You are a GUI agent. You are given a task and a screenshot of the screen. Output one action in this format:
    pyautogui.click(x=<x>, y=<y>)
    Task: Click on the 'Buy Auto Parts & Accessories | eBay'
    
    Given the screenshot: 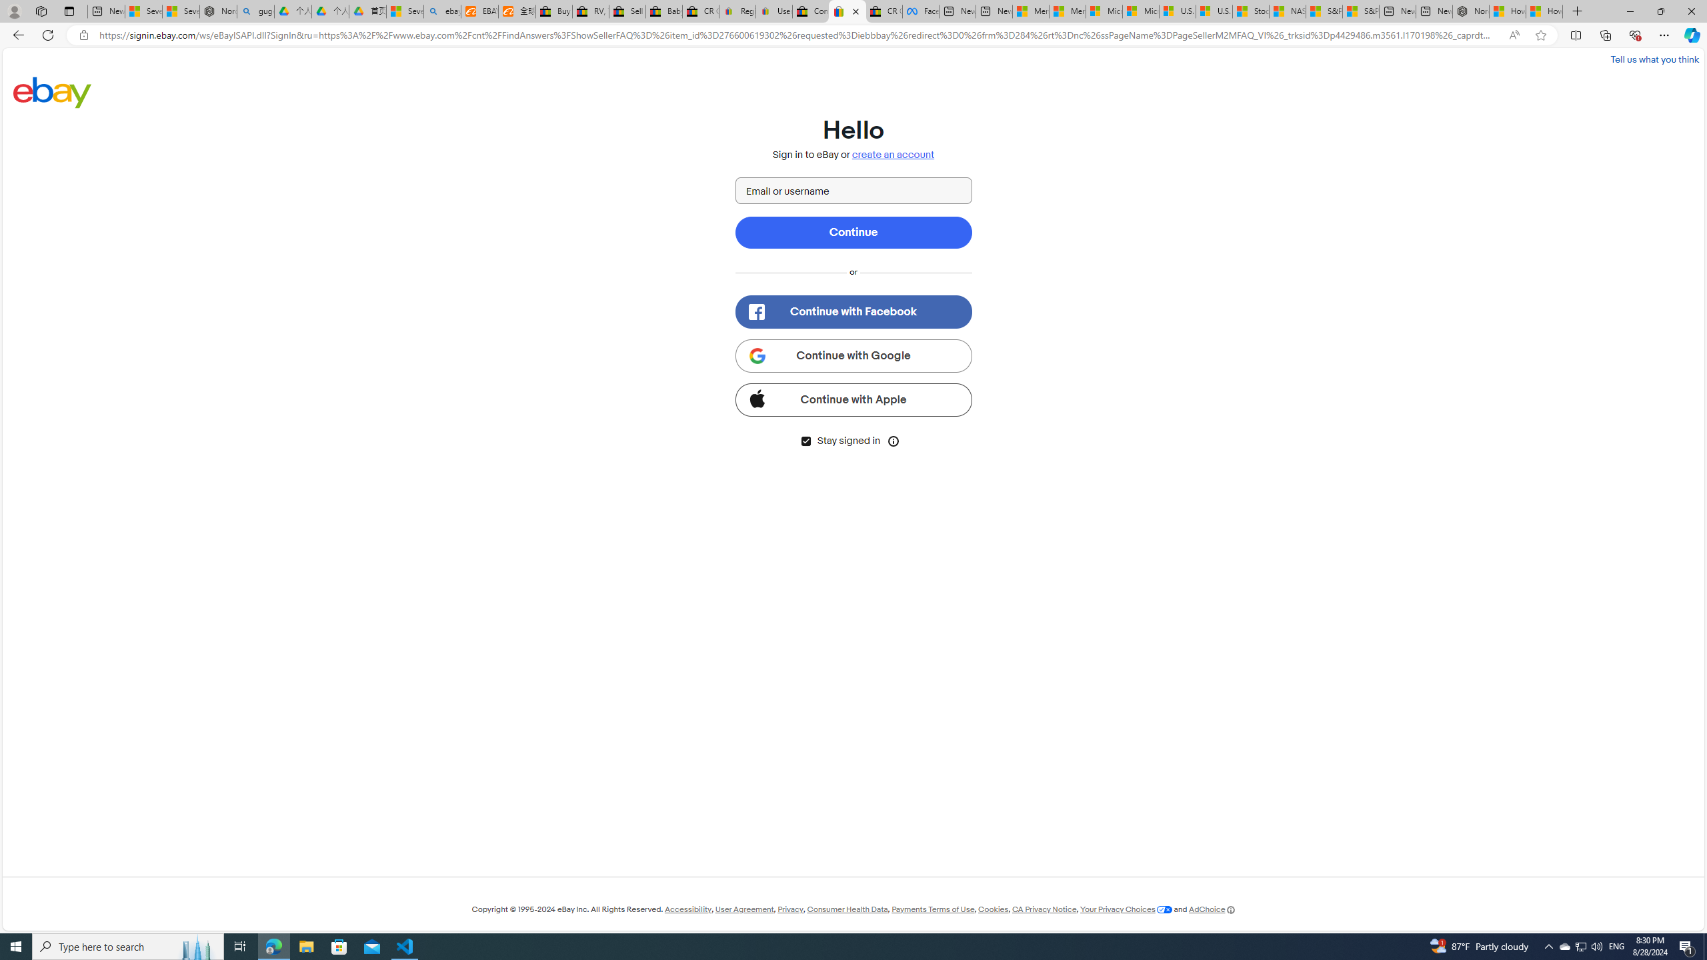 What is the action you would take?
    pyautogui.click(x=554, y=11)
    